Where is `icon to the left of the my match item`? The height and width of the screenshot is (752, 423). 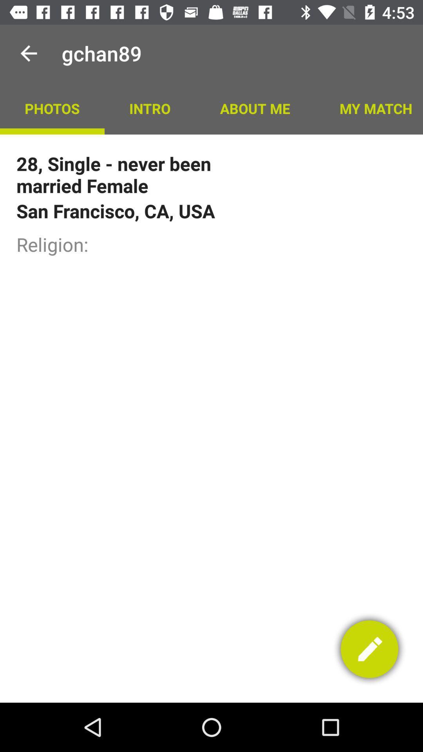 icon to the left of the my match item is located at coordinates (255, 108).